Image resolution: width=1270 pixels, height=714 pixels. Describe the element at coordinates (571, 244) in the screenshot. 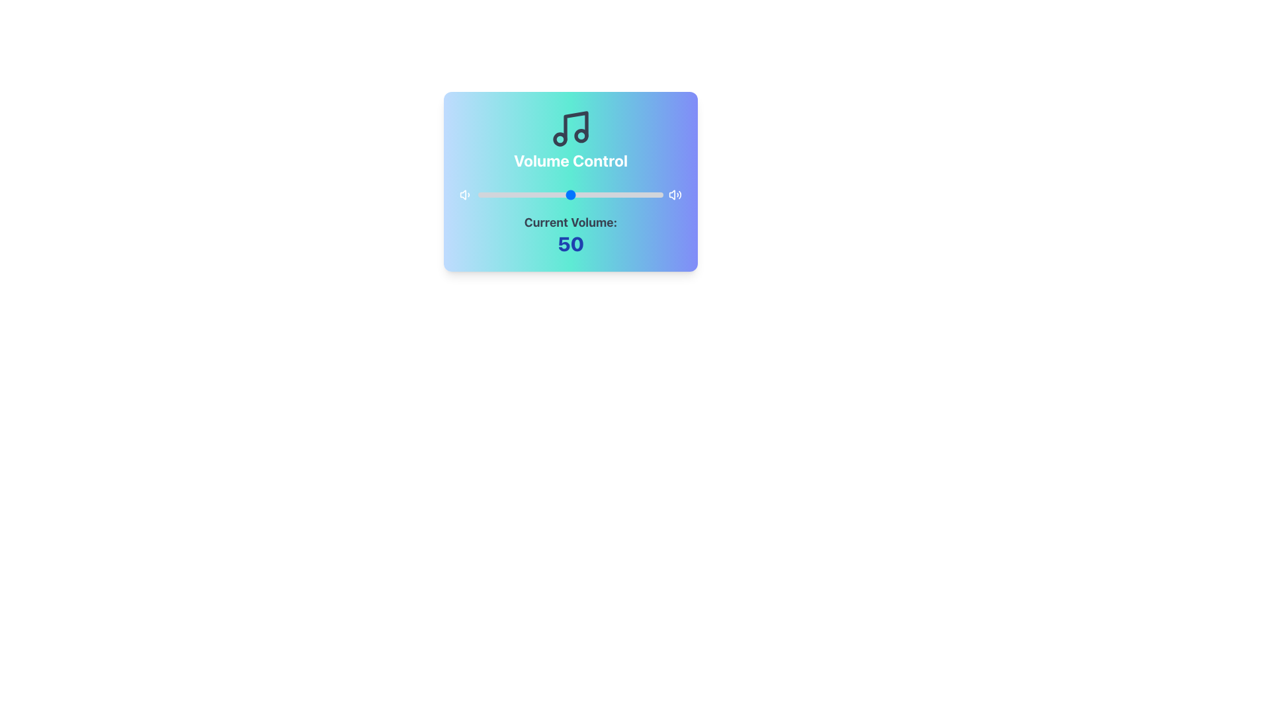

I see `the Label displaying '50' in a bold blue font, located below the 'Current Volume:' text` at that location.